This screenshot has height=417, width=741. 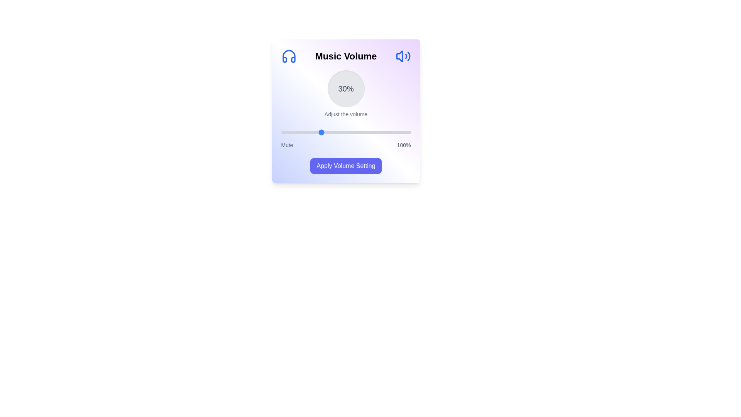 What do you see at coordinates (322, 132) in the screenshot?
I see `the volume slider to 32%` at bounding box center [322, 132].